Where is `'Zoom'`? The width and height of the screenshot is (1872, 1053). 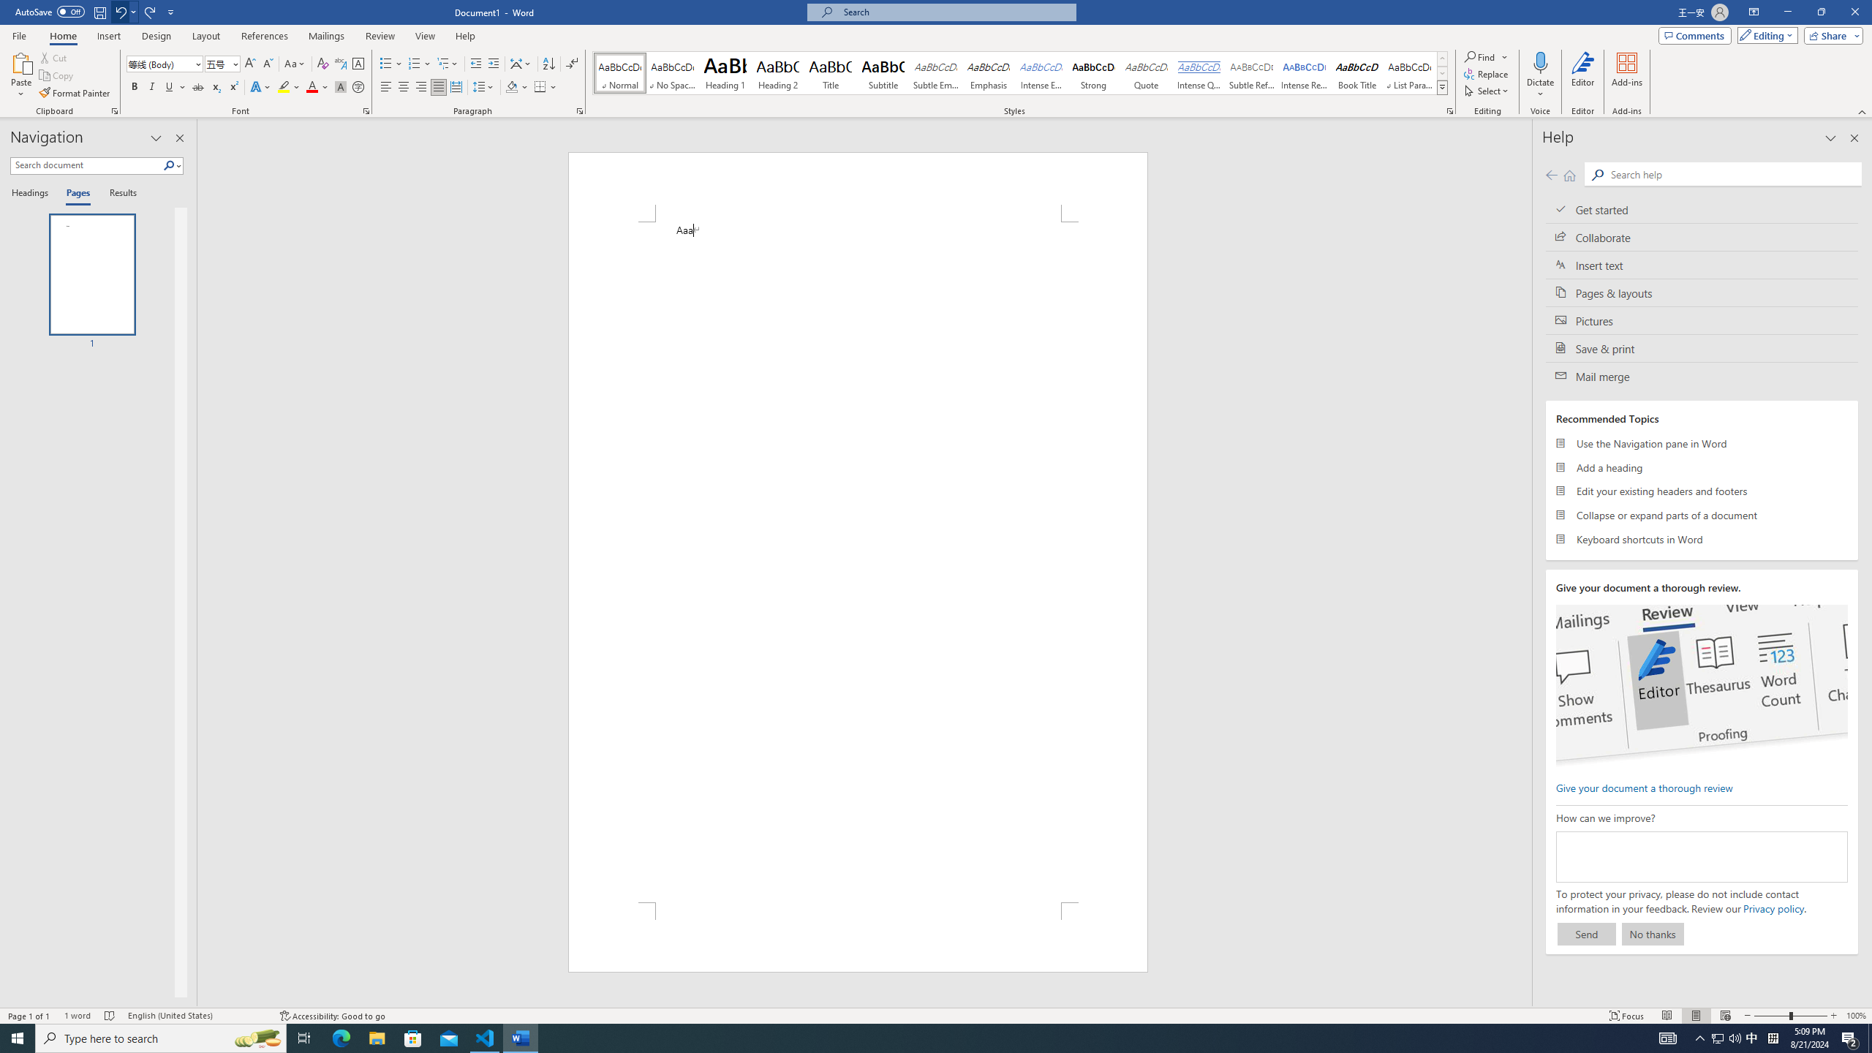
'Zoom' is located at coordinates (1789, 1016).